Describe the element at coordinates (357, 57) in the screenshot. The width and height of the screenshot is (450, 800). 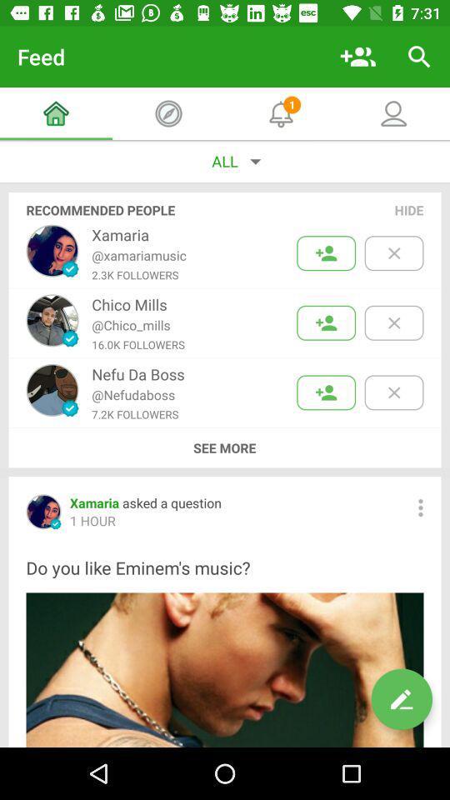
I see `icon to the right of the feed item` at that location.